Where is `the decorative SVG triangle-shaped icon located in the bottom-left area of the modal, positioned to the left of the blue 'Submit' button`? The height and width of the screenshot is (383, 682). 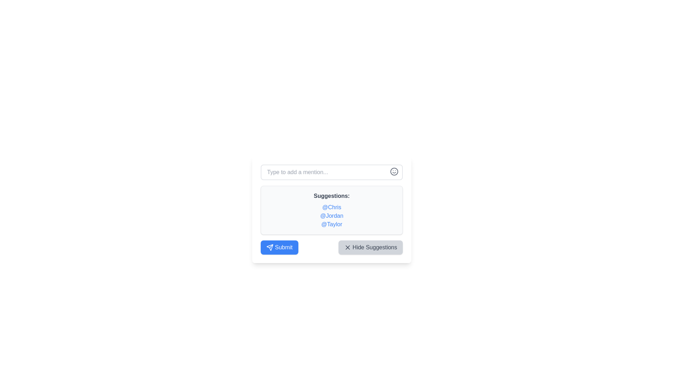
the decorative SVG triangle-shaped icon located in the bottom-left area of the modal, positioned to the left of the blue 'Submit' button is located at coordinates (269, 247).